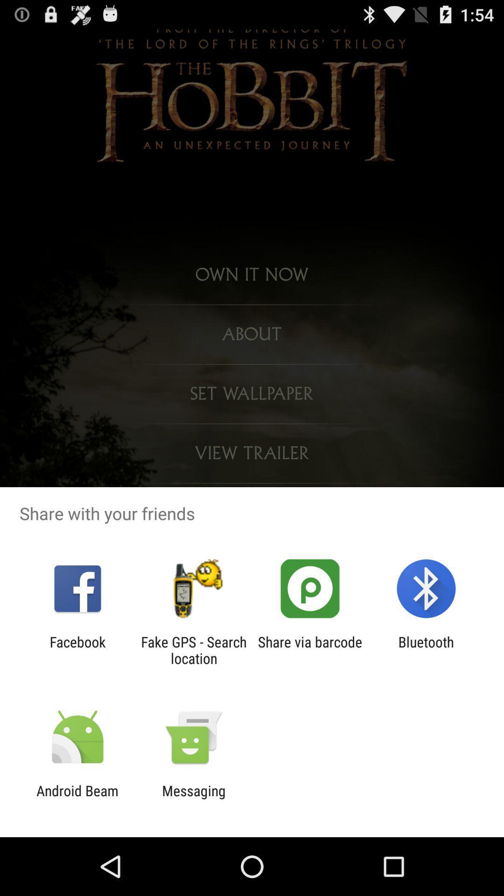  Describe the element at coordinates (426, 650) in the screenshot. I see `the app next to share via barcode app` at that location.